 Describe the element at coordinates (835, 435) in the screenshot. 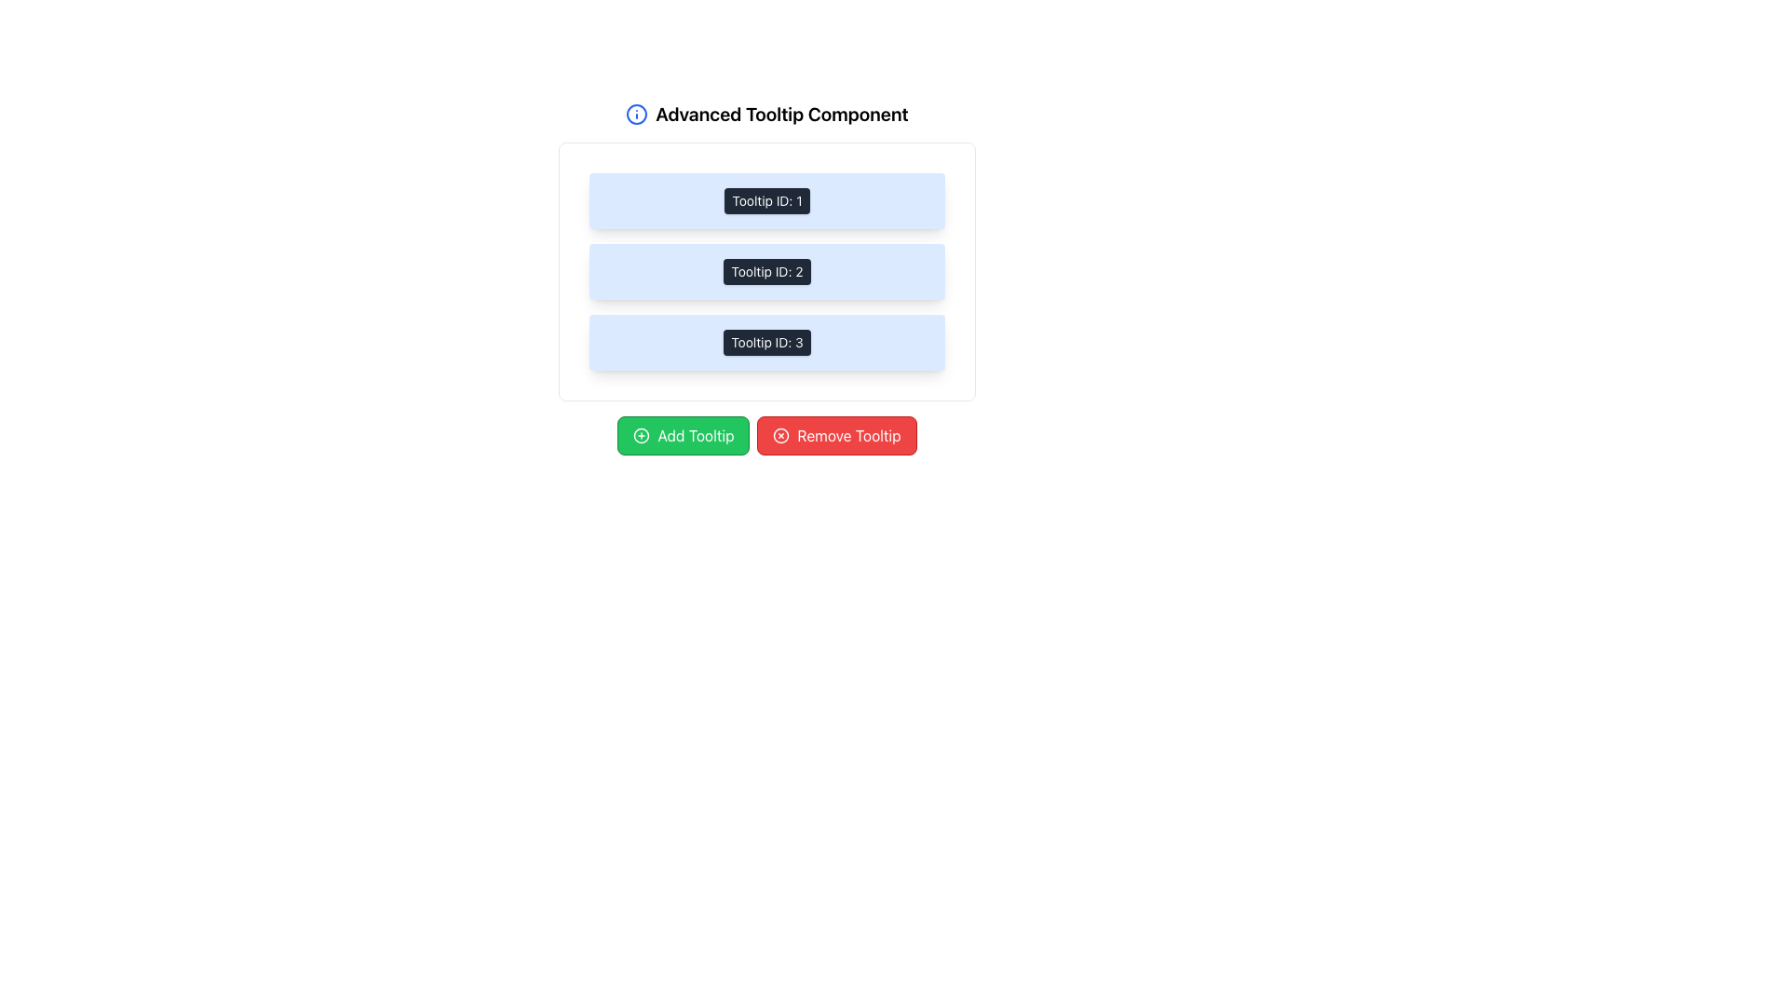

I see `the rectangular red button labeled 'Remove Tooltip' to observe its hover effects` at that location.